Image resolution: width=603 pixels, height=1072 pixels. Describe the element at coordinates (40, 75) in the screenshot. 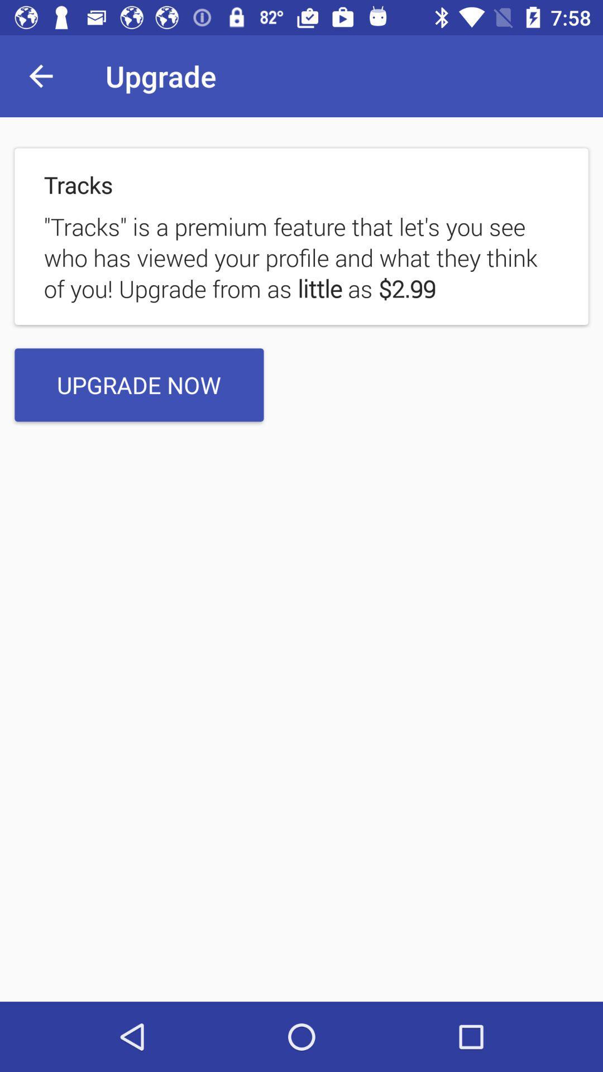

I see `item above the tracks` at that location.